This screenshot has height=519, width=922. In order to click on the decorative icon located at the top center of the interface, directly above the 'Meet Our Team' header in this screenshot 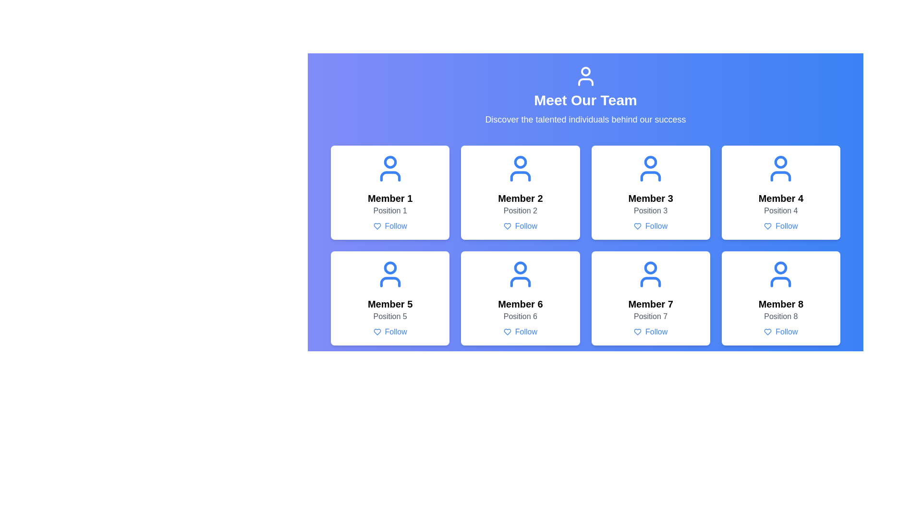, I will do `click(585, 75)`.